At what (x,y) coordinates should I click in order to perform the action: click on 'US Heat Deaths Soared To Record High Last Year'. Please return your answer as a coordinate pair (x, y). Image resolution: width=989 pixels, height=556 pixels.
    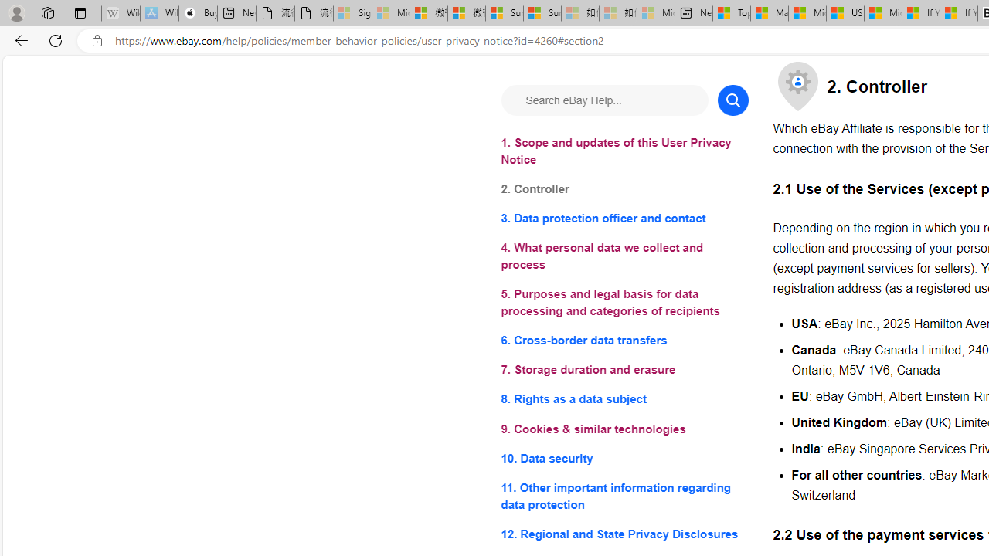
    Looking at the image, I should click on (844, 13).